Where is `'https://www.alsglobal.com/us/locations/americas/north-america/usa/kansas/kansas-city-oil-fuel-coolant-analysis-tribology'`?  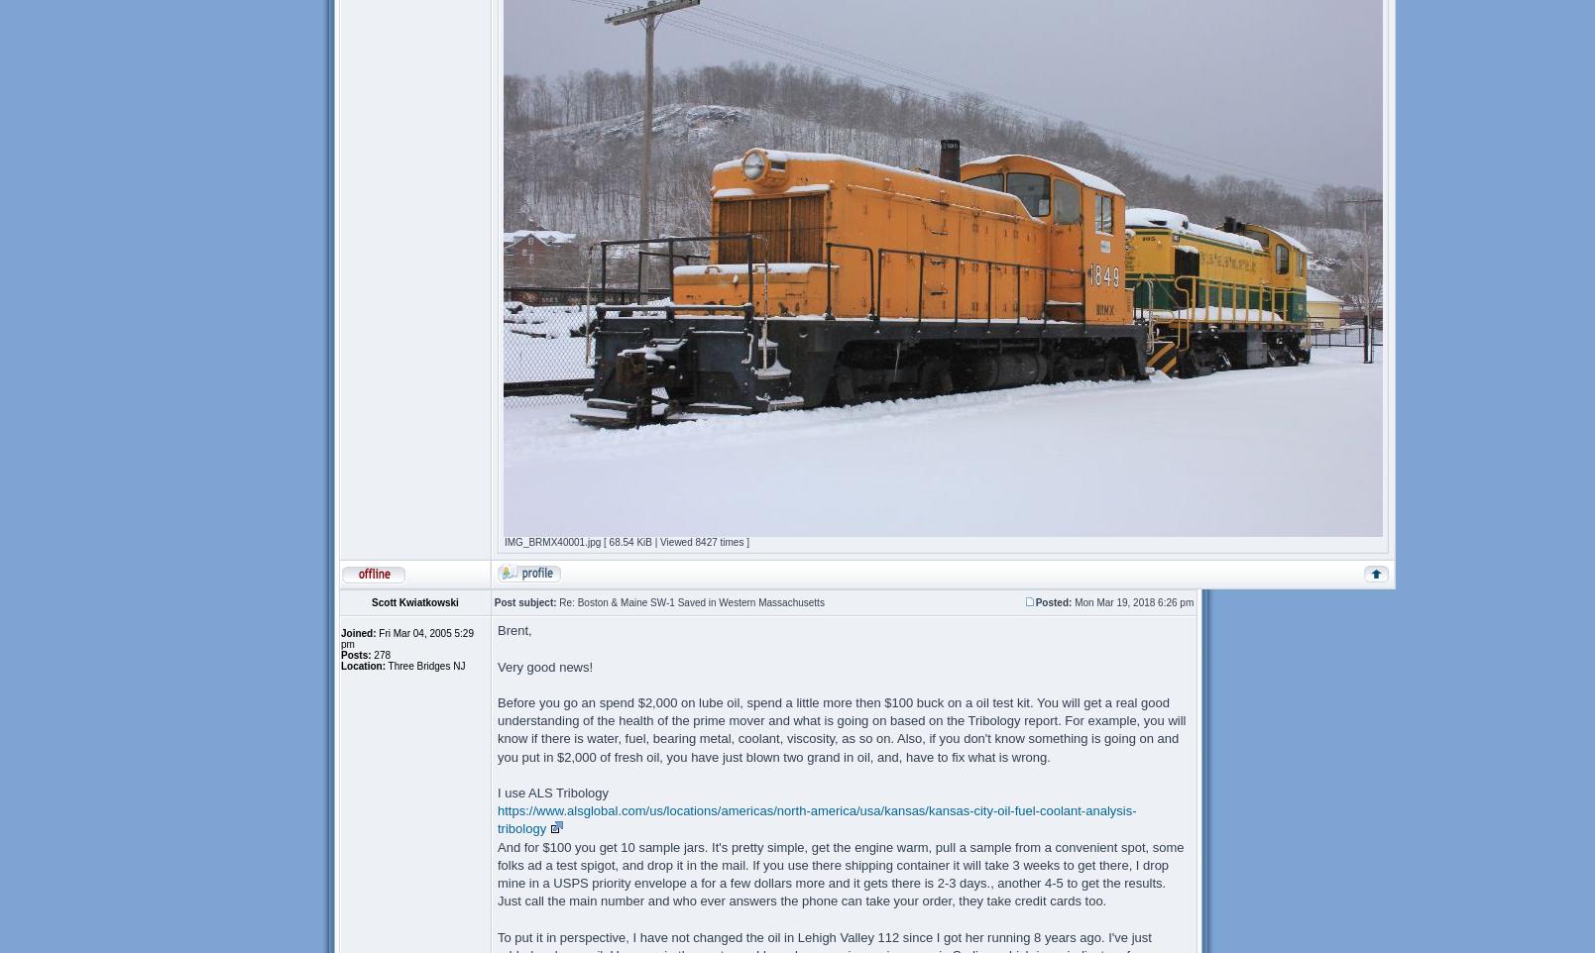 'https://www.alsglobal.com/us/locations/americas/north-america/usa/kansas/kansas-city-oil-fuel-coolant-analysis-tribology' is located at coordinates (816, 819).